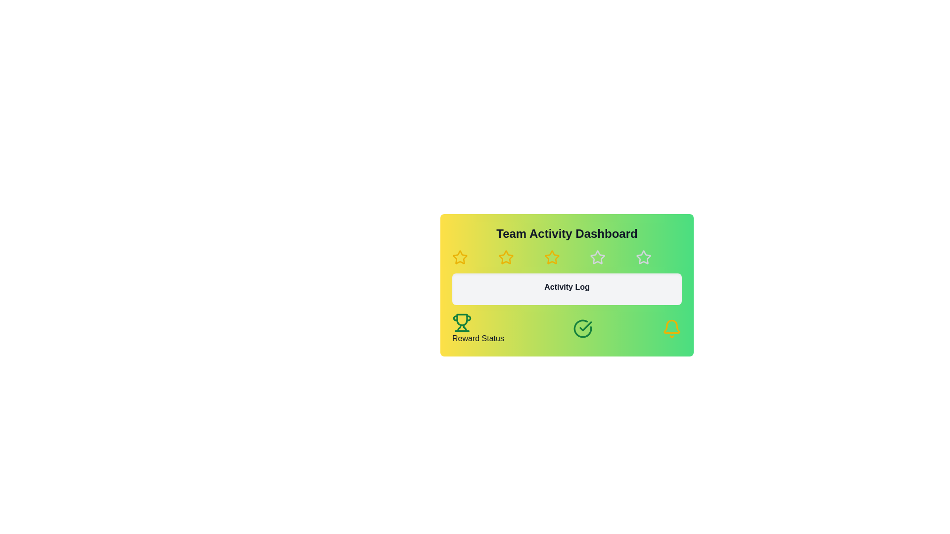 The width and height of the screenshot is (950, 534). Describe the element at coordinates (567, 328) in the screenshot. I see `the Information panel displaying reward status, located at the bottom of the 'Team Activity Dashboard'` at that location.